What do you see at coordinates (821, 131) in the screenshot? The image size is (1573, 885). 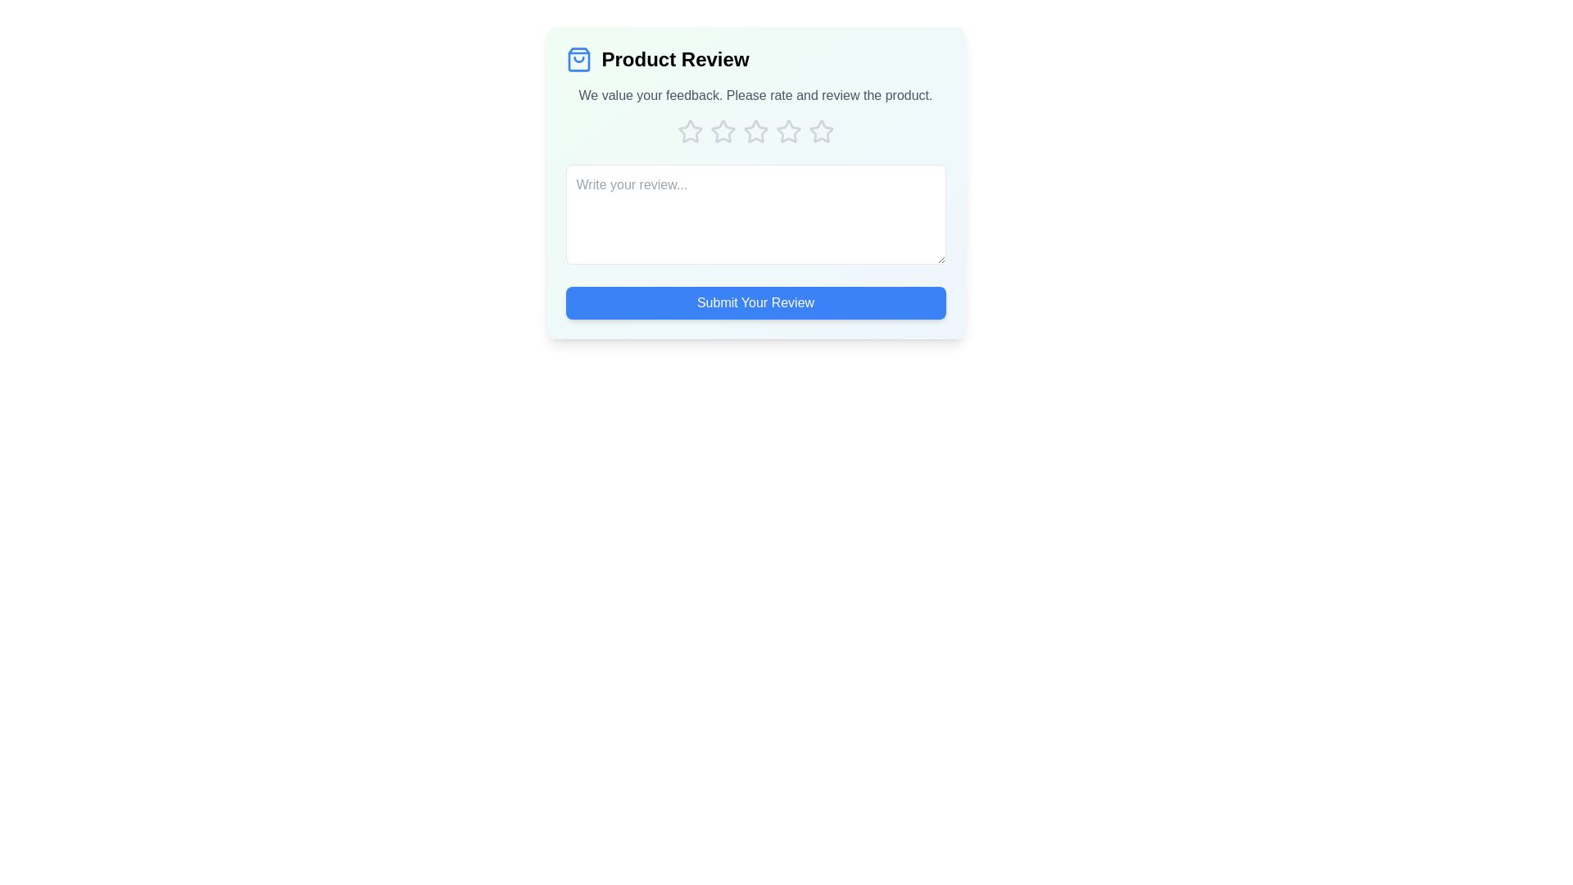 I see `the fifth star icon in the rating system to scale it up and highlight it` at bounding box center [821, 131].